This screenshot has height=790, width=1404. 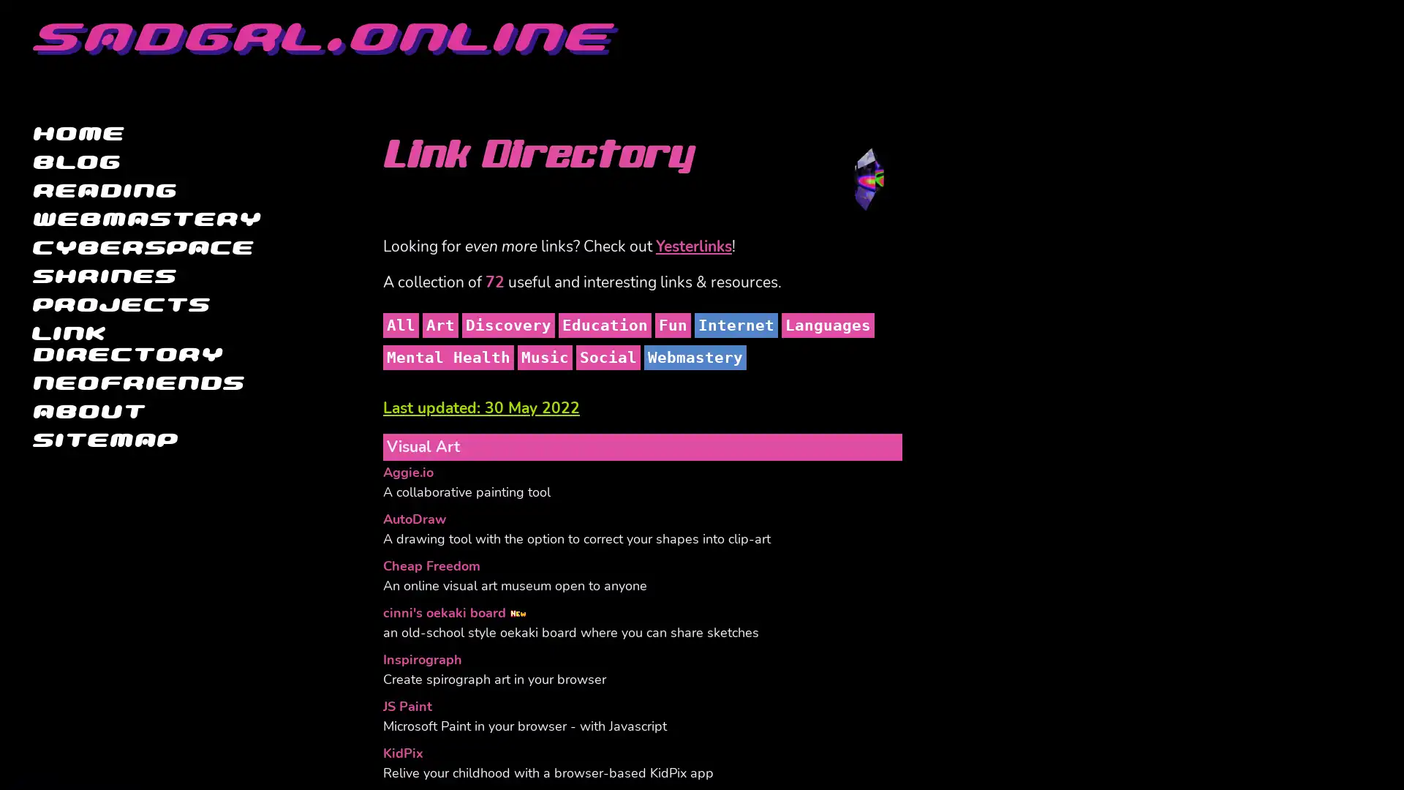 What do you see at coordinates (694, 357) in the screenshot?
I see `Webmastery` at bounding box center [694, 357].